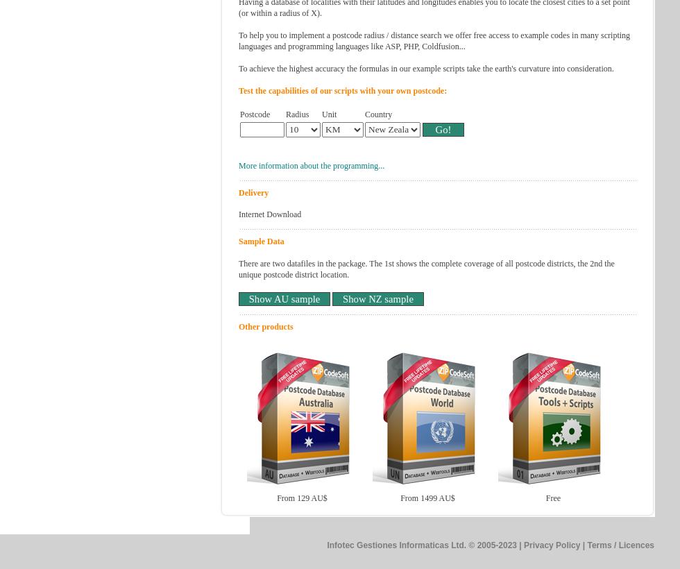 The height and width of the screenshot is (569, 680). What do you see at coordinates (378, 114) in the screenshot?
I see `'Country'` at bounding box center [378, 114].